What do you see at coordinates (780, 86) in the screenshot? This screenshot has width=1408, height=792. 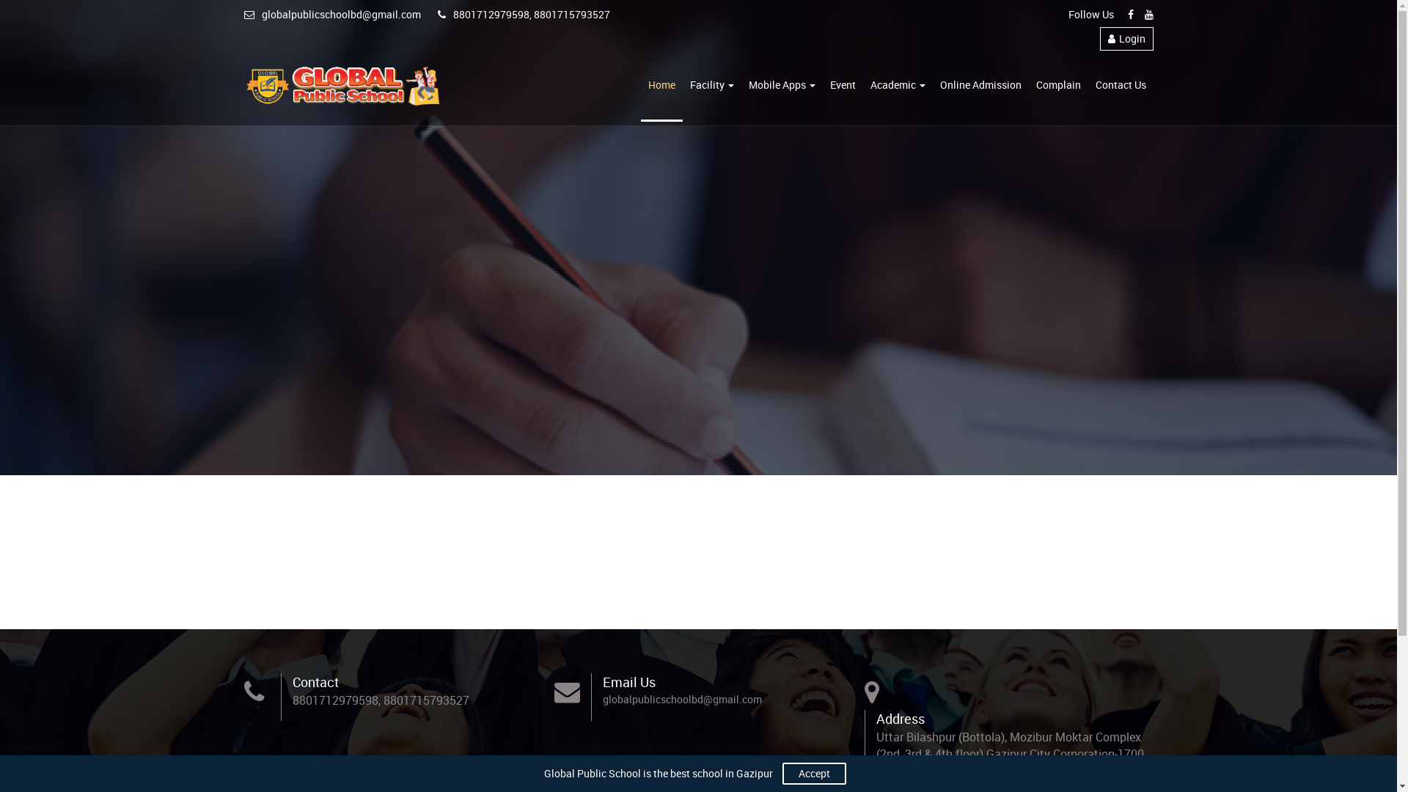 I see `'Mobile Apps'` at bounding box center [780, 86].